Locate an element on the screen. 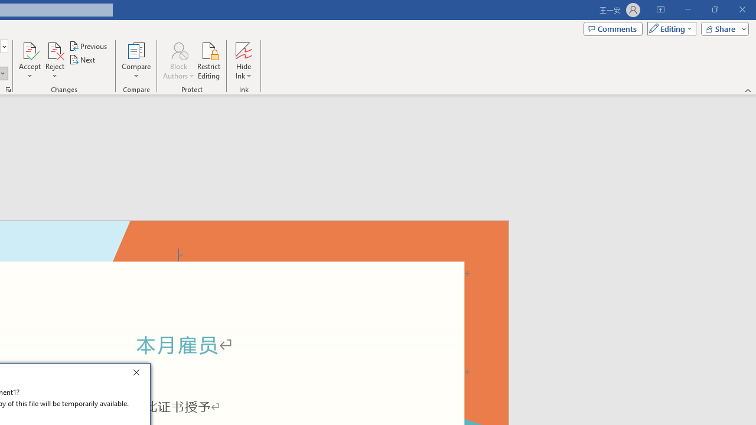  'Open' is located at coordinates (4, 45).